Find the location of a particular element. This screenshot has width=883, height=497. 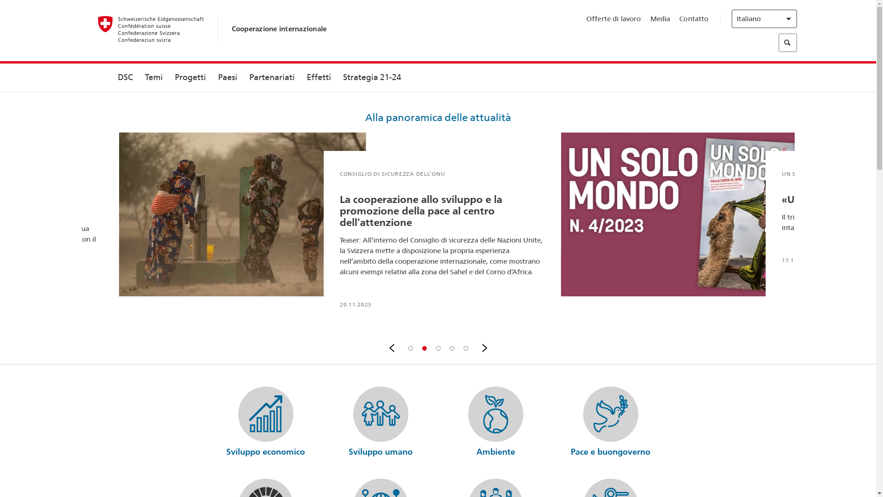

'Cooperazione internazionale' is located at coordinates (279, 28).